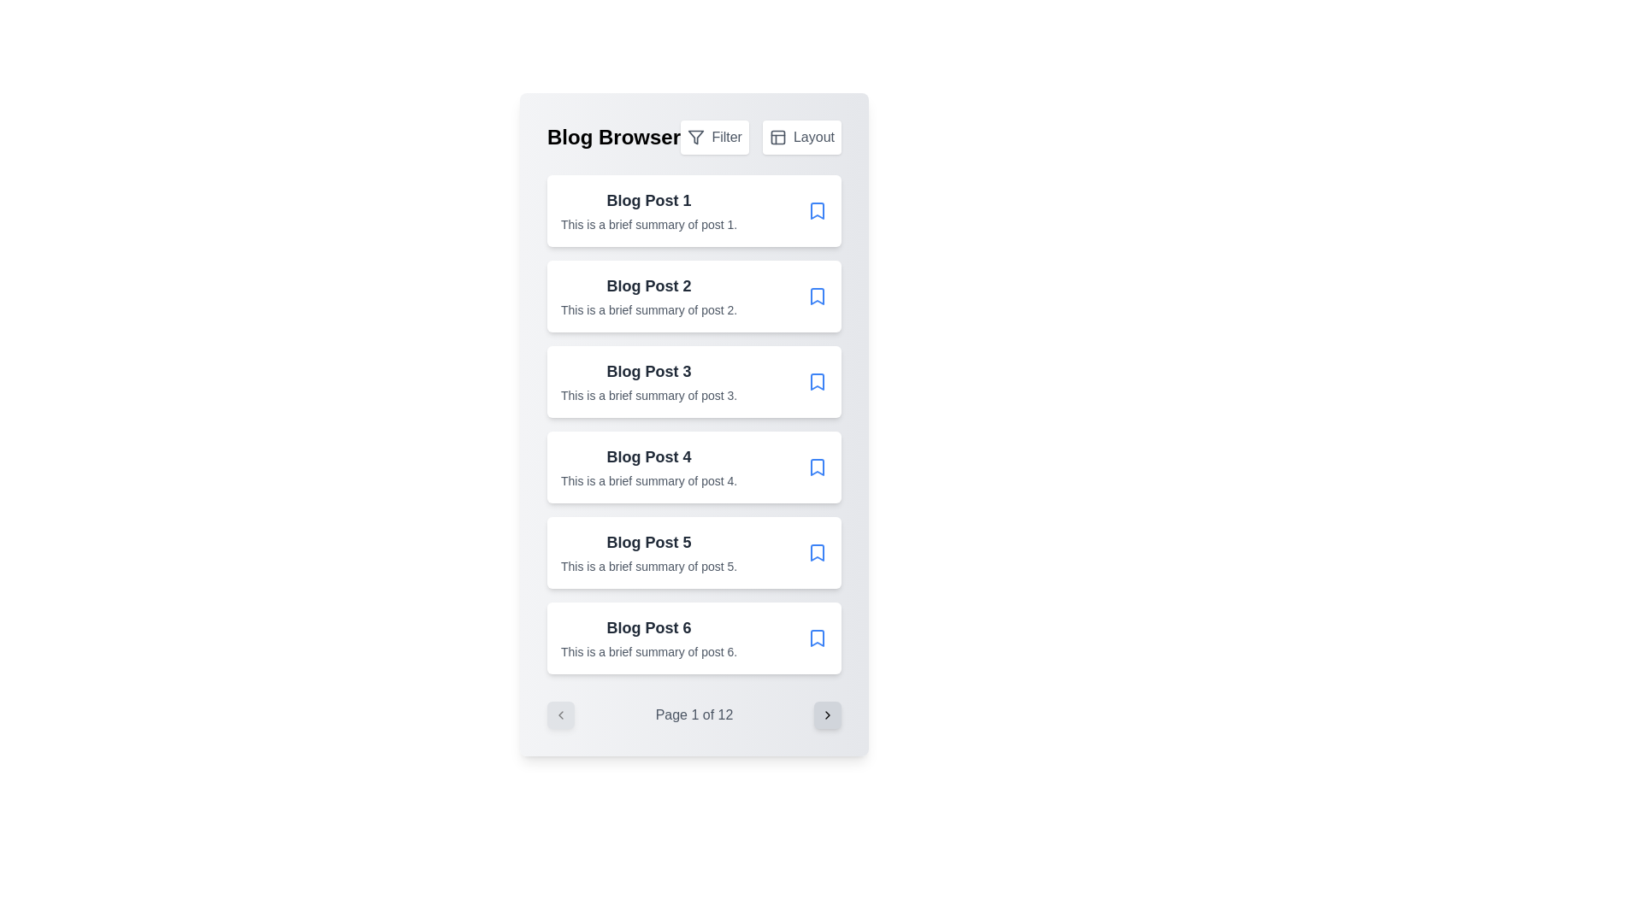  I want to click on the layout configuration icon located inside the 'Layout' button in the top-right corner of the 'Blog Browser' interface, so click(777, 137).